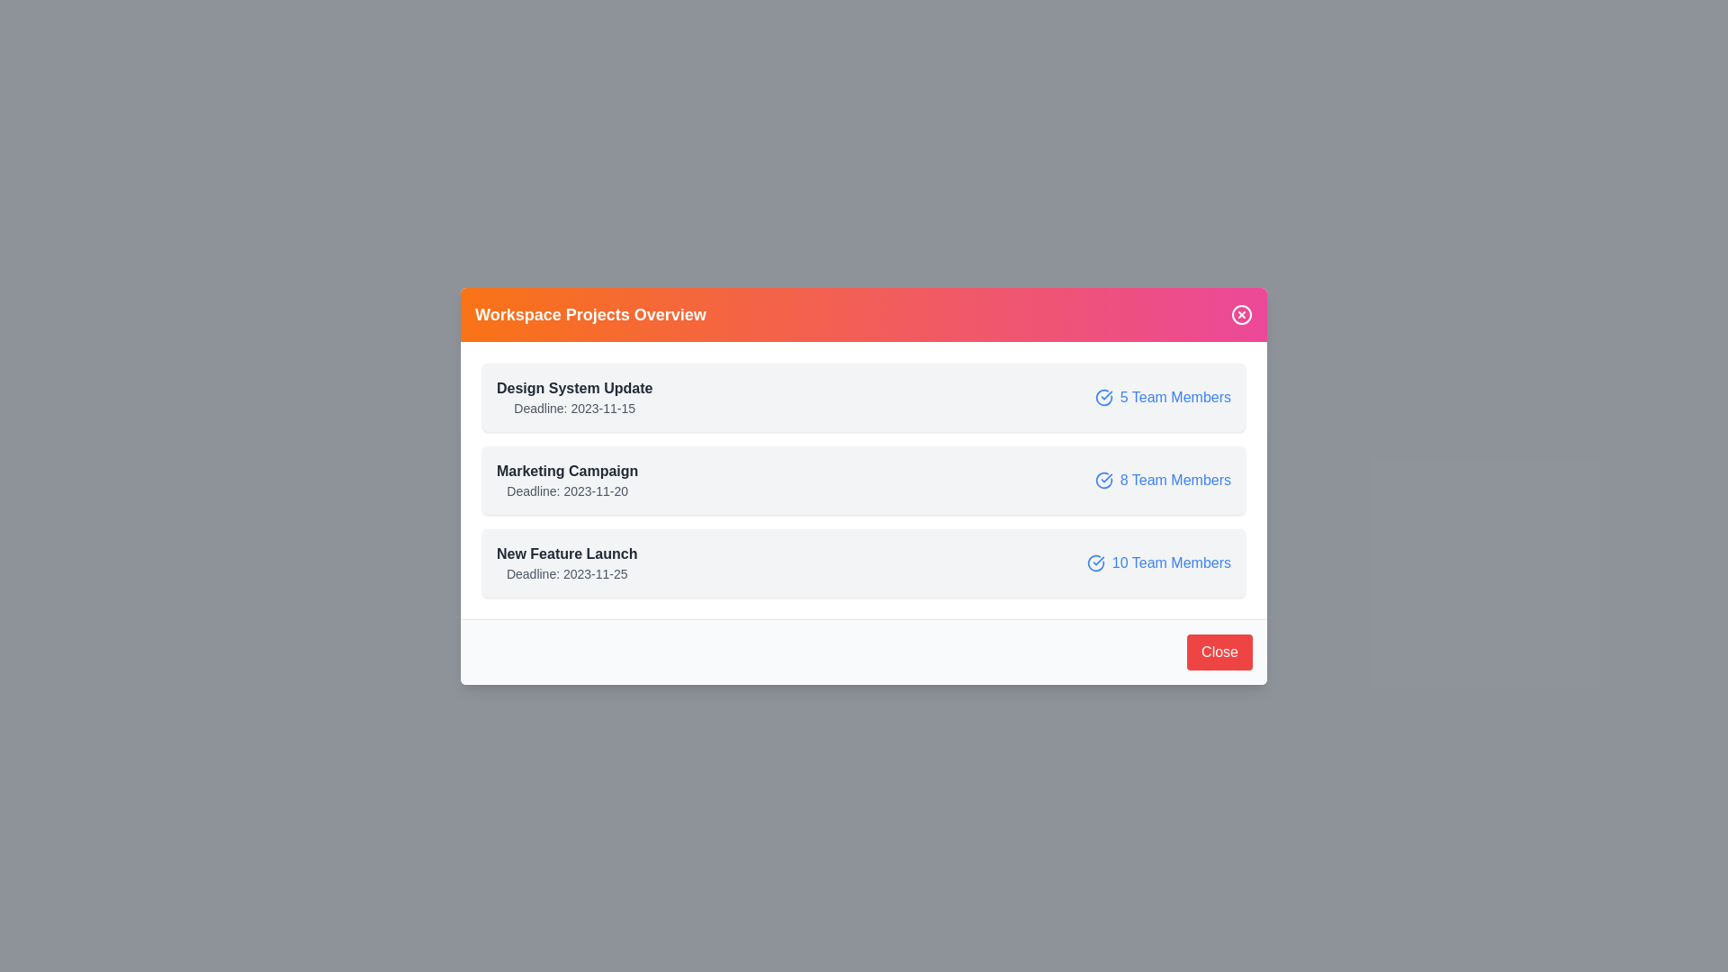 Image resolution: width=1728 pixels, height=972 pixels. What do you see at coordinates (864, 479) in the screenshot?
I see `the project 'Marketing Campaign' to inspect its details` at bounding box center [864, 479].